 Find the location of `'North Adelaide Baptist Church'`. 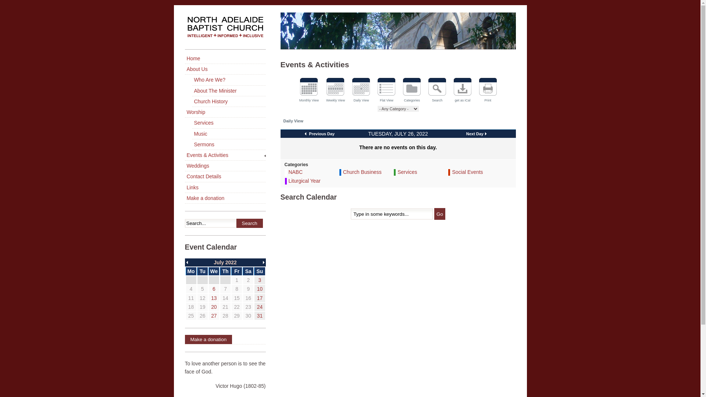

'North Adelaide Baptist Church' is located at coordinates (224, 31).